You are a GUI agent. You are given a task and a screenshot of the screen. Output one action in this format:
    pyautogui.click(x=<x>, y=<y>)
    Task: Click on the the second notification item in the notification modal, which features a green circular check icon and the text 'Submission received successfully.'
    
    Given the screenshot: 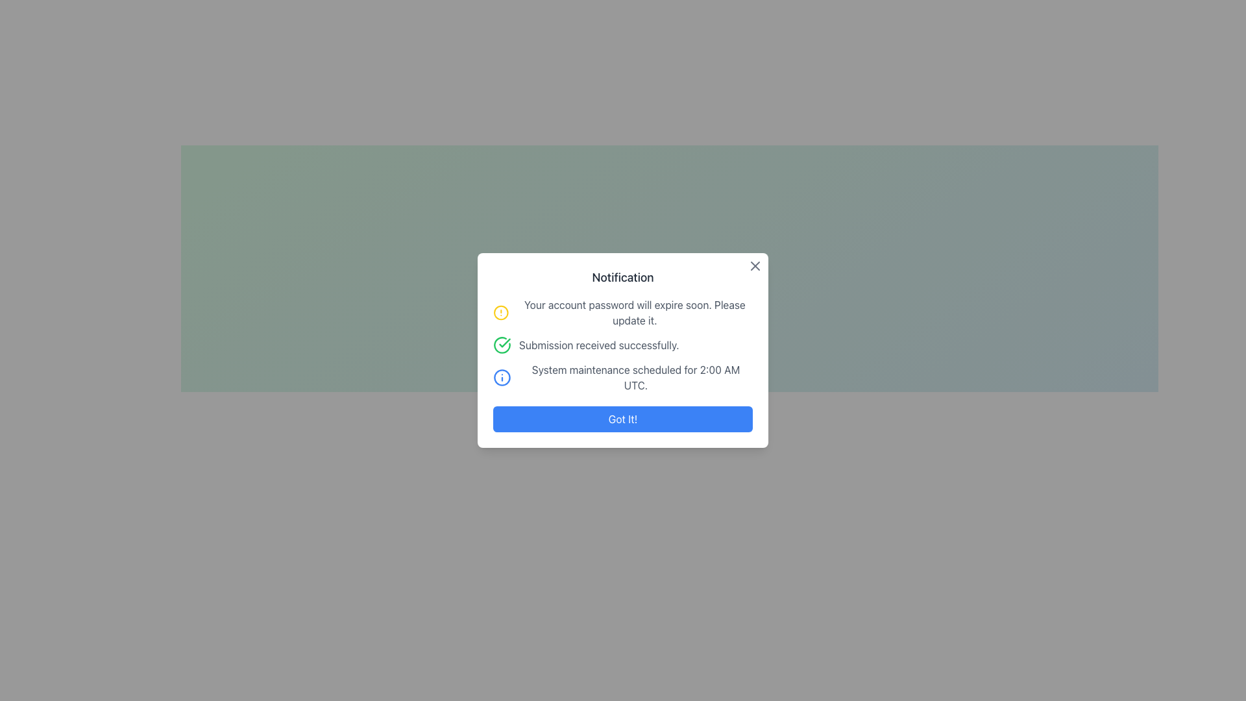 What is the action you would take?
    pyautogui.click(x=623, y=345)
    